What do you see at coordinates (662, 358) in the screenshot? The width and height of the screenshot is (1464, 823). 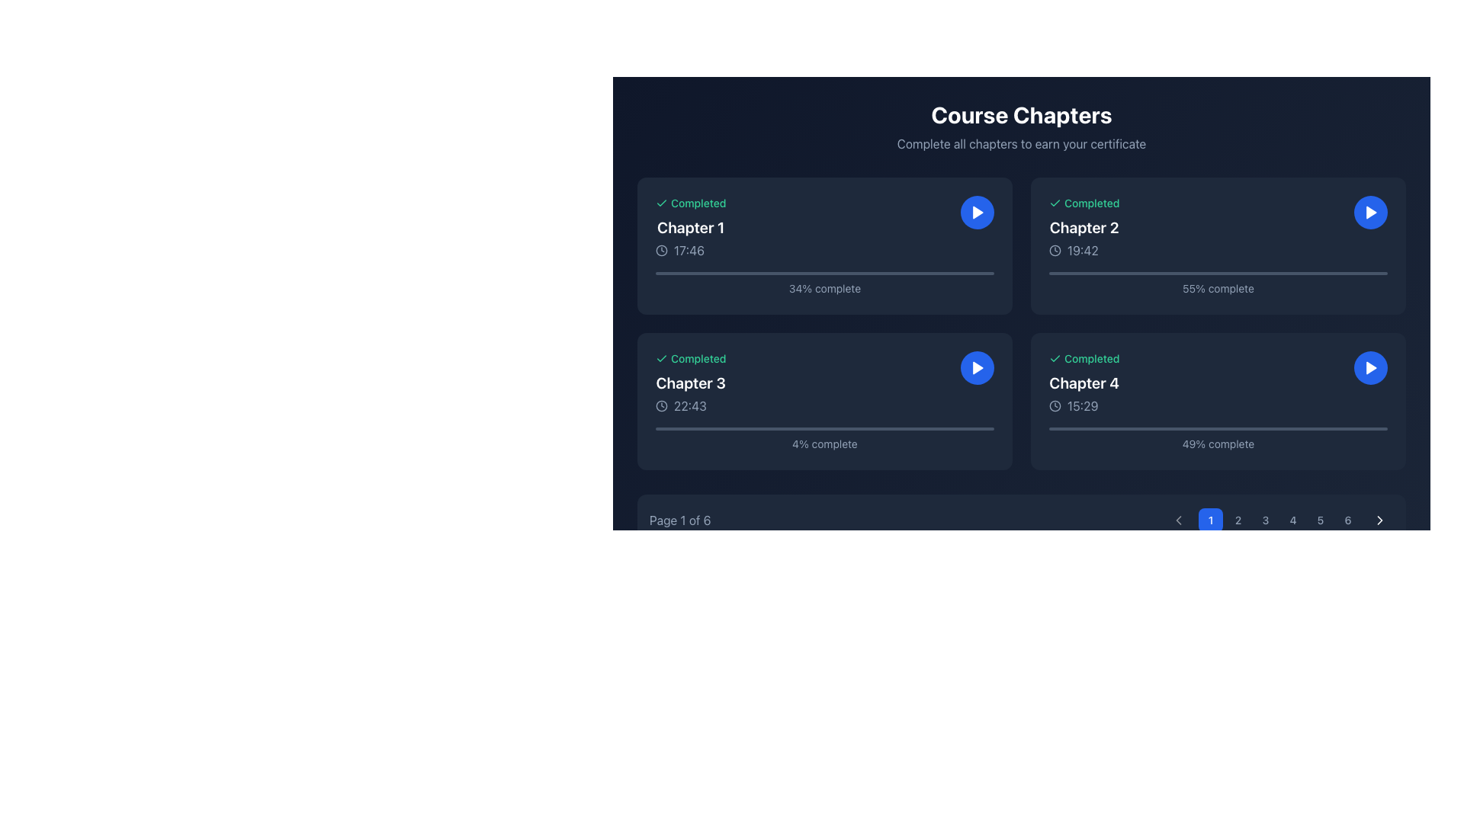 I see `the green check icon indicating completion status, positioned at the top left corner of the 'Completed' text in the course chapter status group` at bounding box center [662, 358].